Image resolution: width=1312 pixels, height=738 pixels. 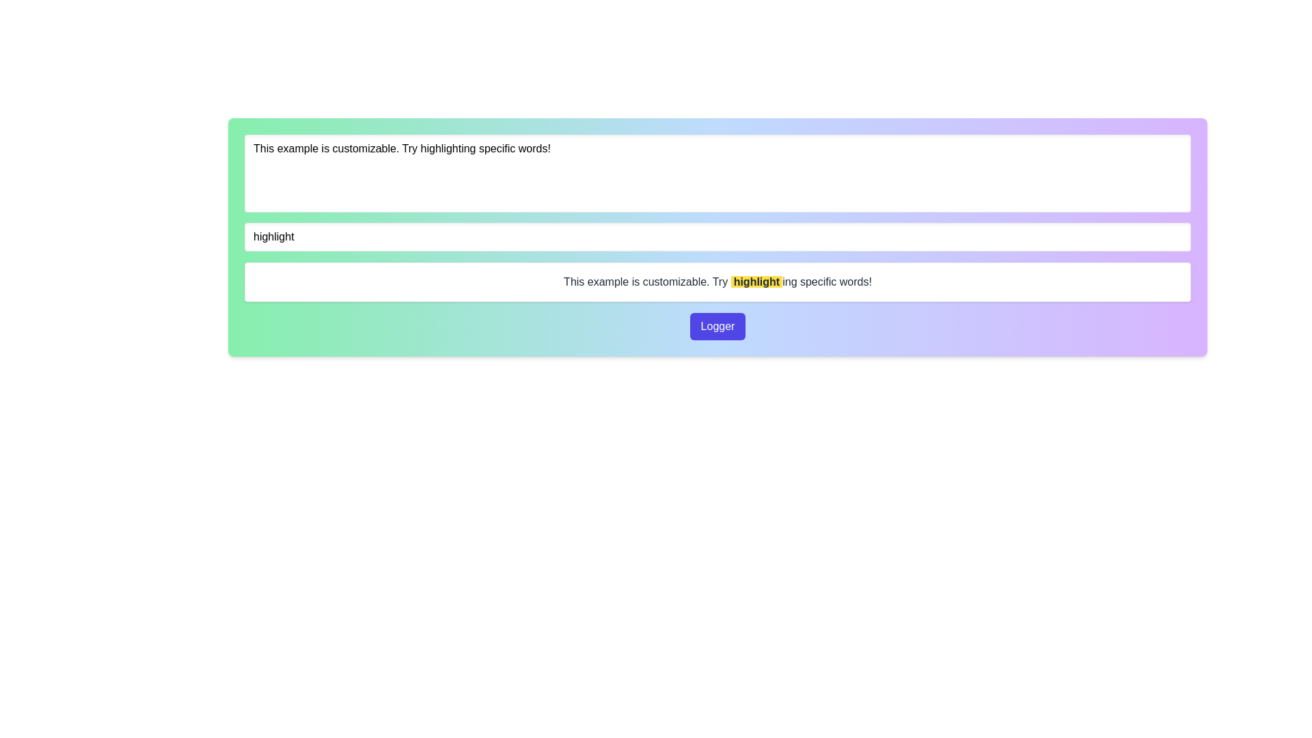 What do you see at coordinates (673, 281) in the screenshot?
I see `the text block that provides guidance about a feature, specifically positioned to the left of the word 'highlight'` at bounding box center [673, 281].